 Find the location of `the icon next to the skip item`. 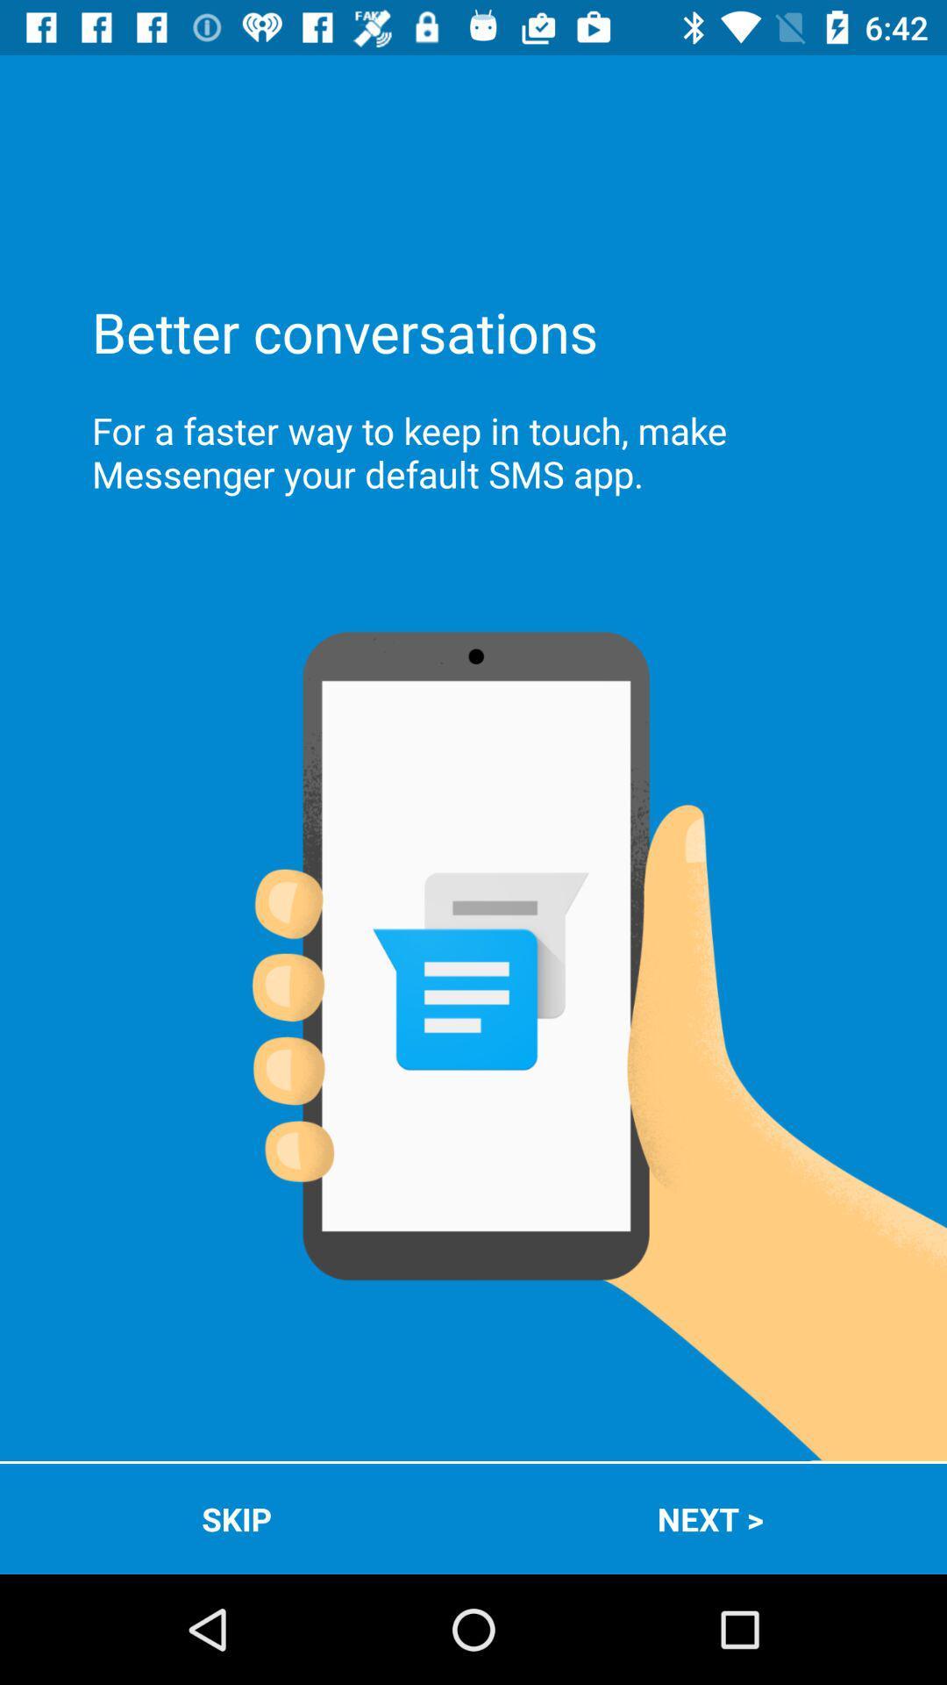

the icon next to the skip item is located at coordinates (710, 1518).